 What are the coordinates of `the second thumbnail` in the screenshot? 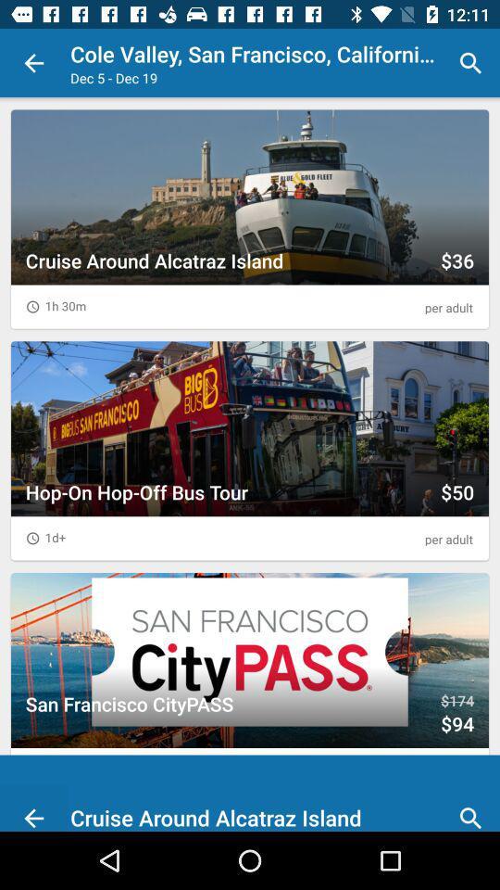 It's located at (250, 450).